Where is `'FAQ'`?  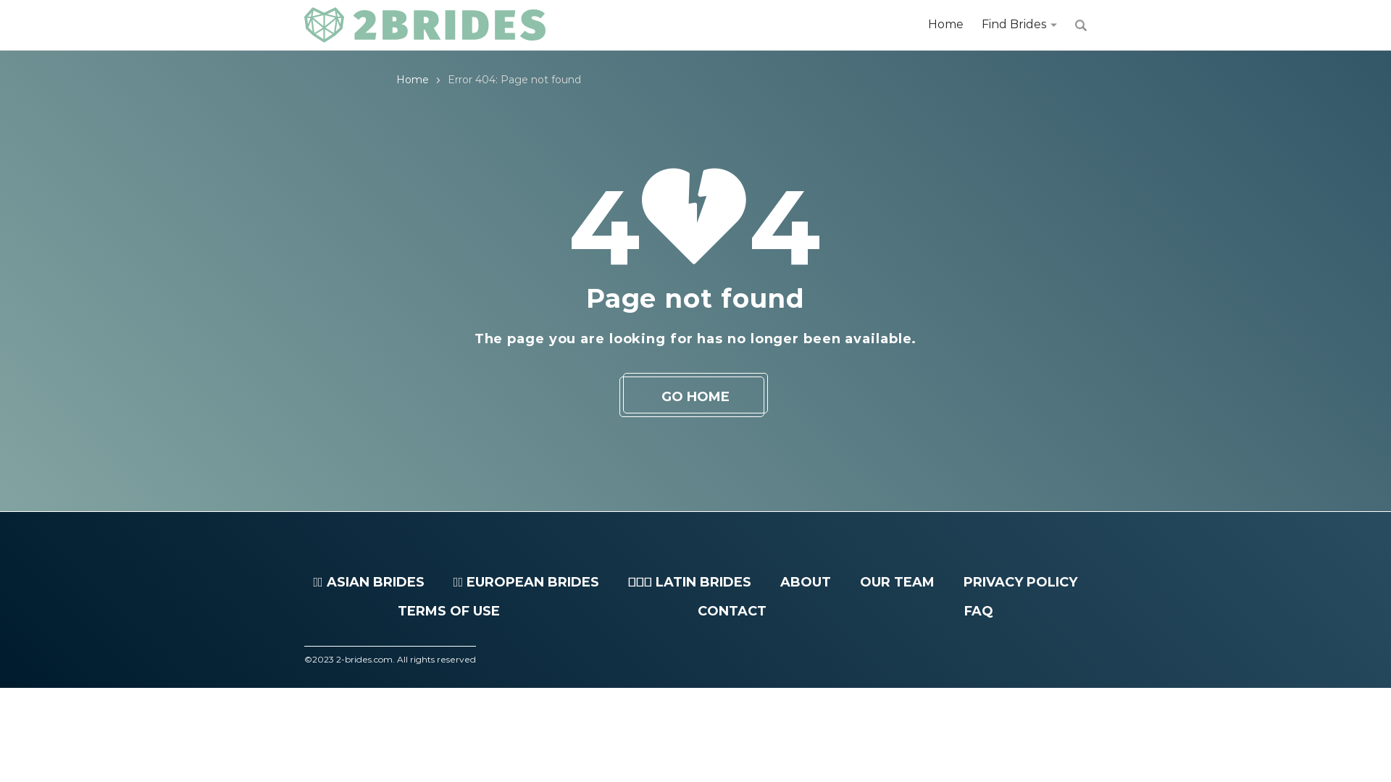
'FAQ' is located at coordinates (978, 611).